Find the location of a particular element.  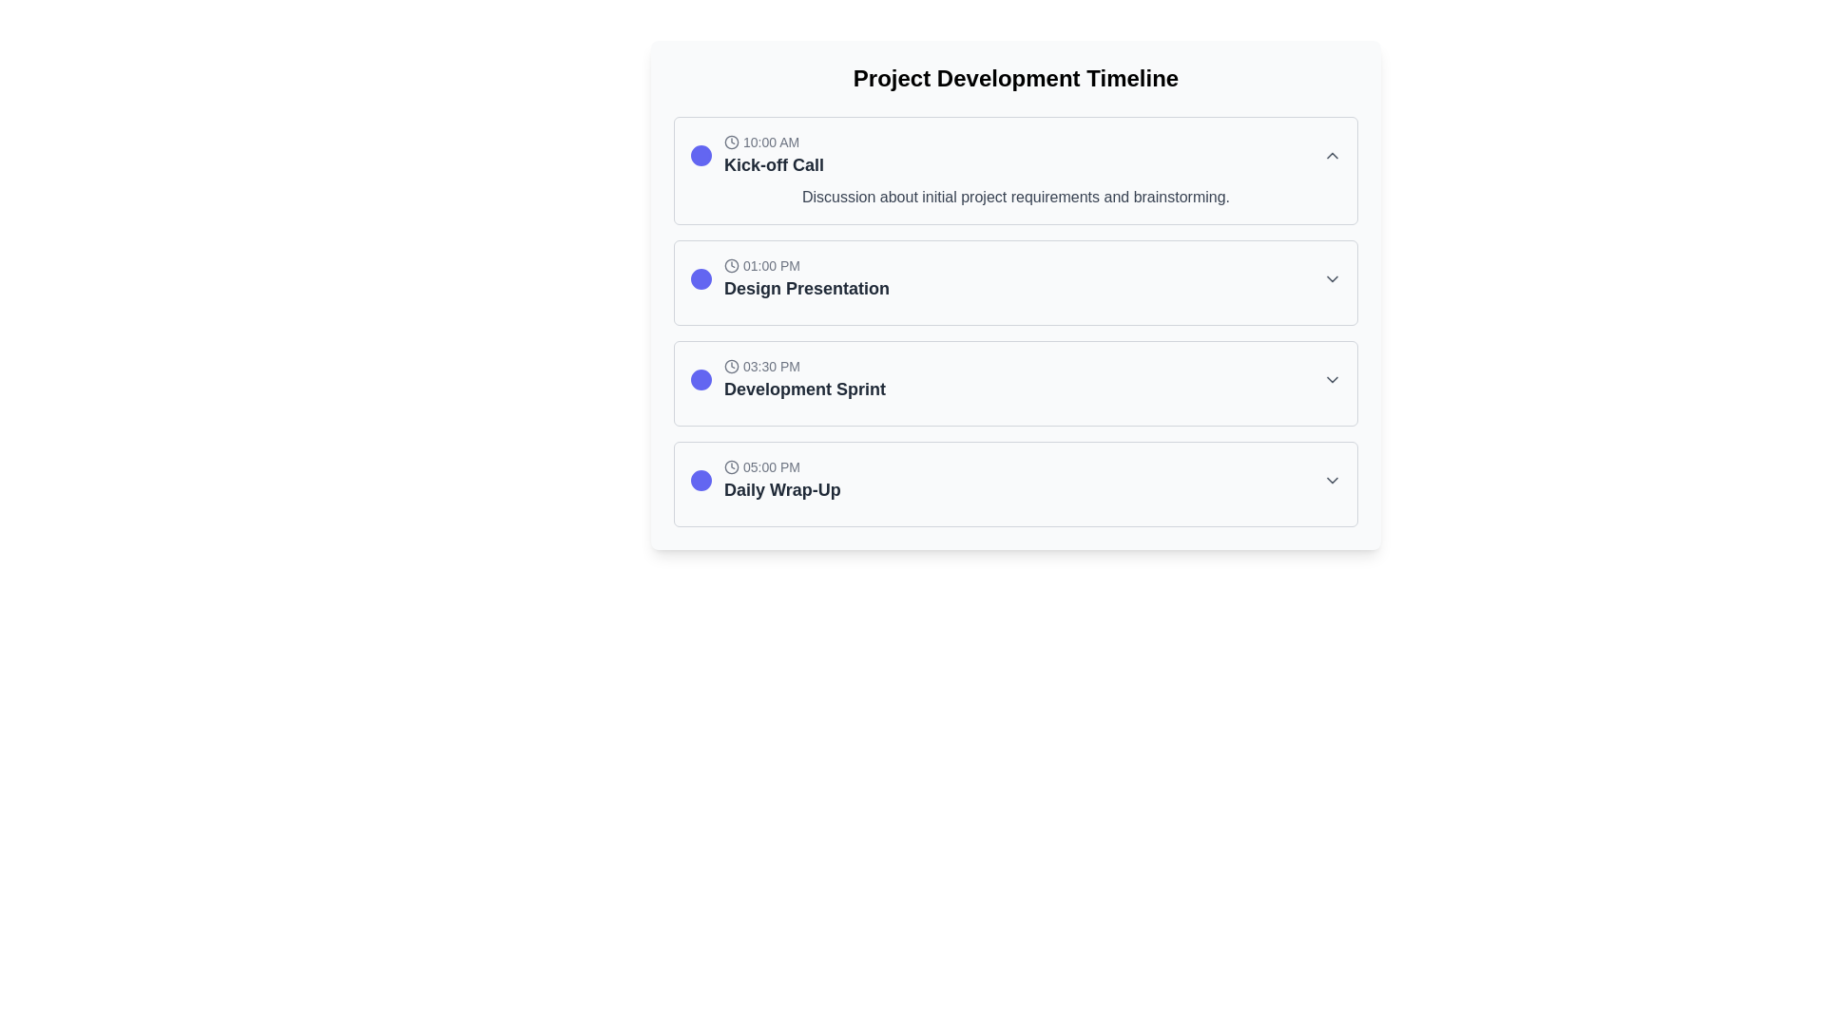

the second item in the timeline event row, which is located between '10:00 AM Kick-off Call' and '03:30 PM Development Sprint' is located at coordinates (789, 278).